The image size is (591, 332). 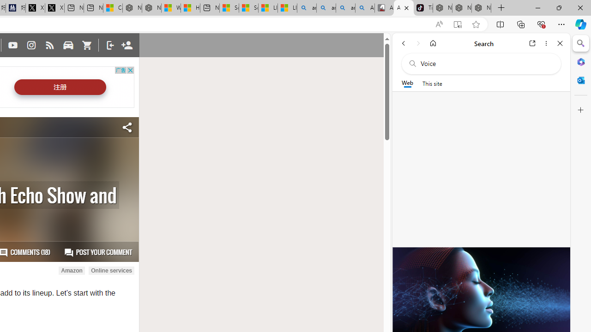 What do you see at coordinates (418, 43) in the screenshot?
I see `'Forward'` at bounding box center [418, 43].